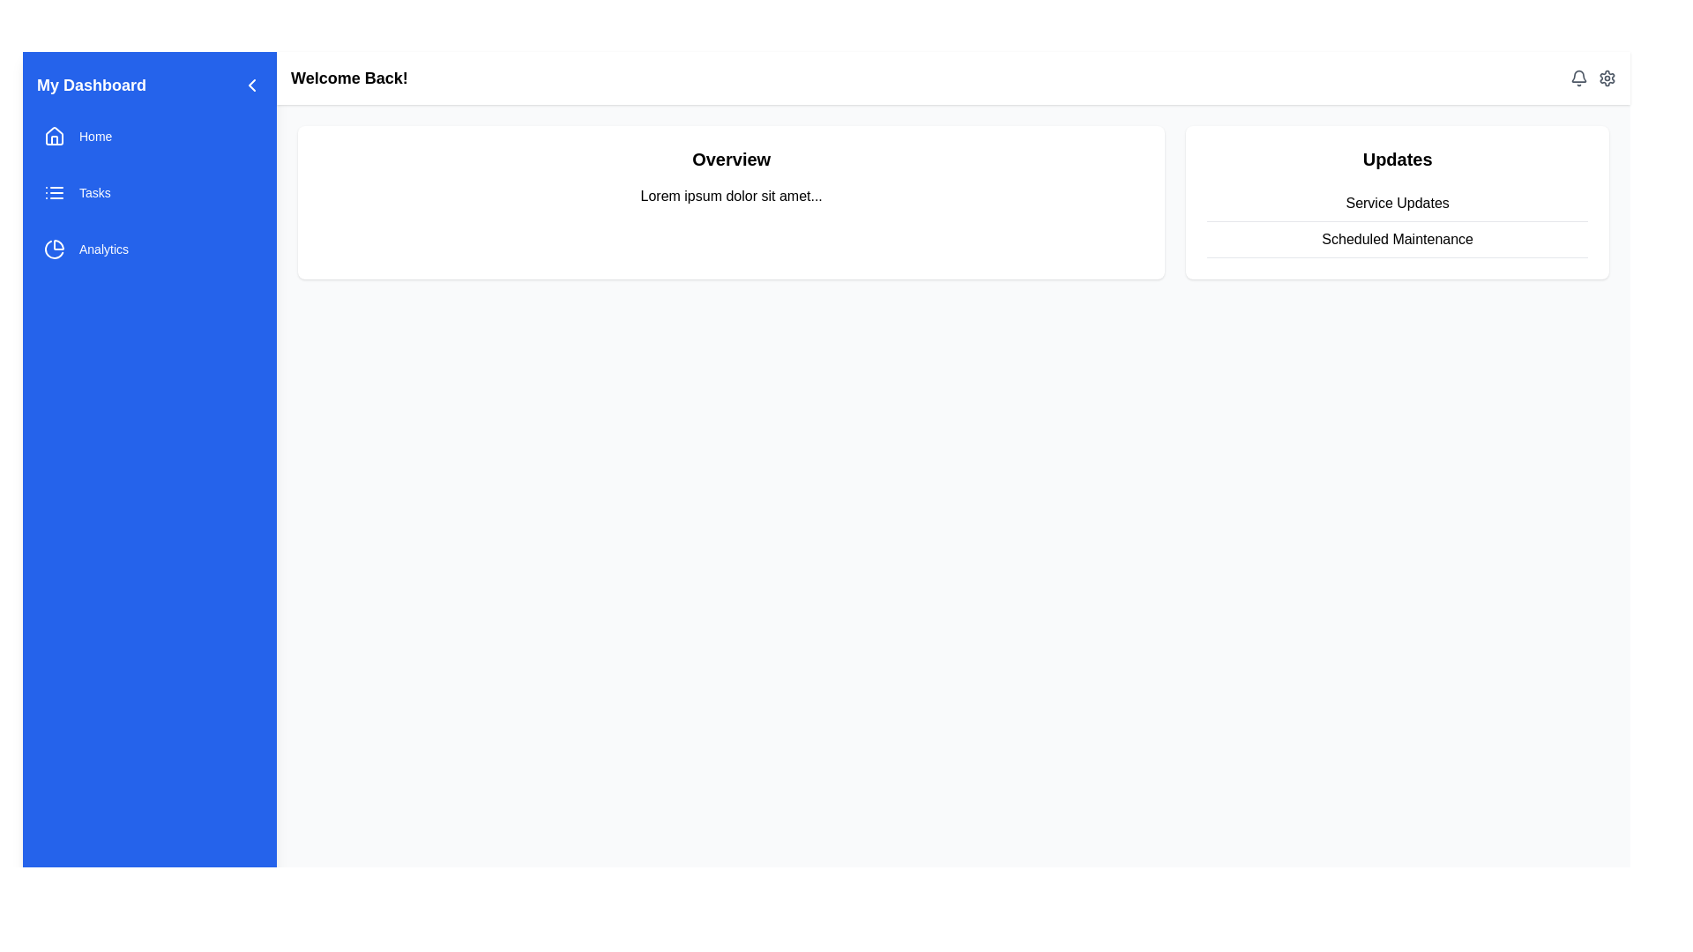 This screenshot has height=952, width=1693. I want to click on the house-shaped icon located in the 'Home' section of the sidebar menu, which is rendered in a white outline on a blue background, so click(55, 135).